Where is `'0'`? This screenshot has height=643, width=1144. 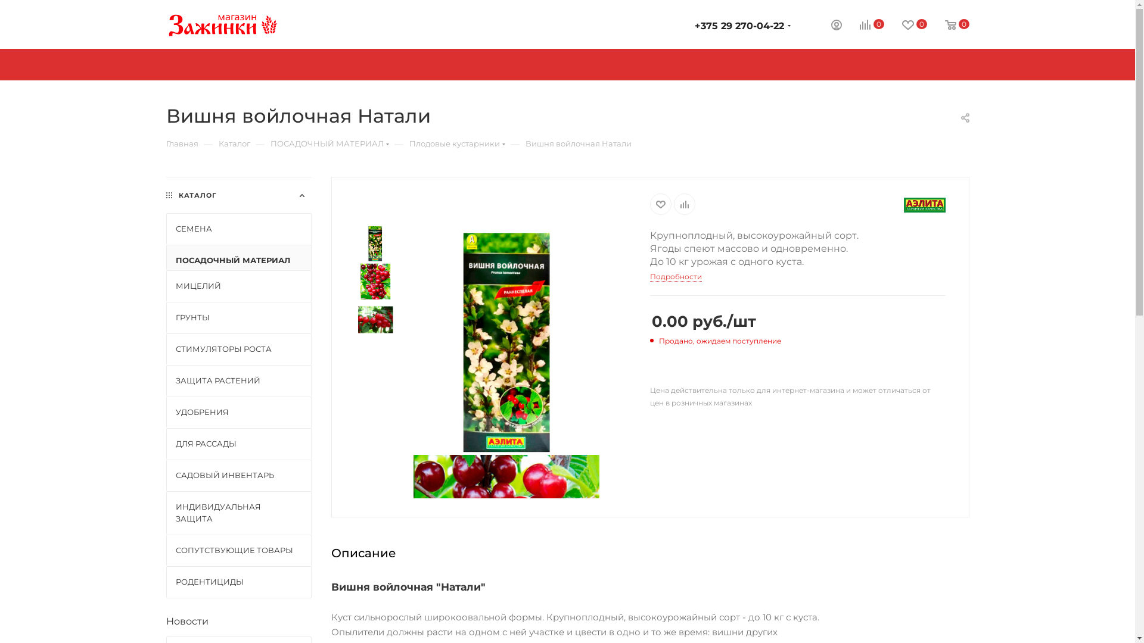 '0' is located at coordinates (947, 25).